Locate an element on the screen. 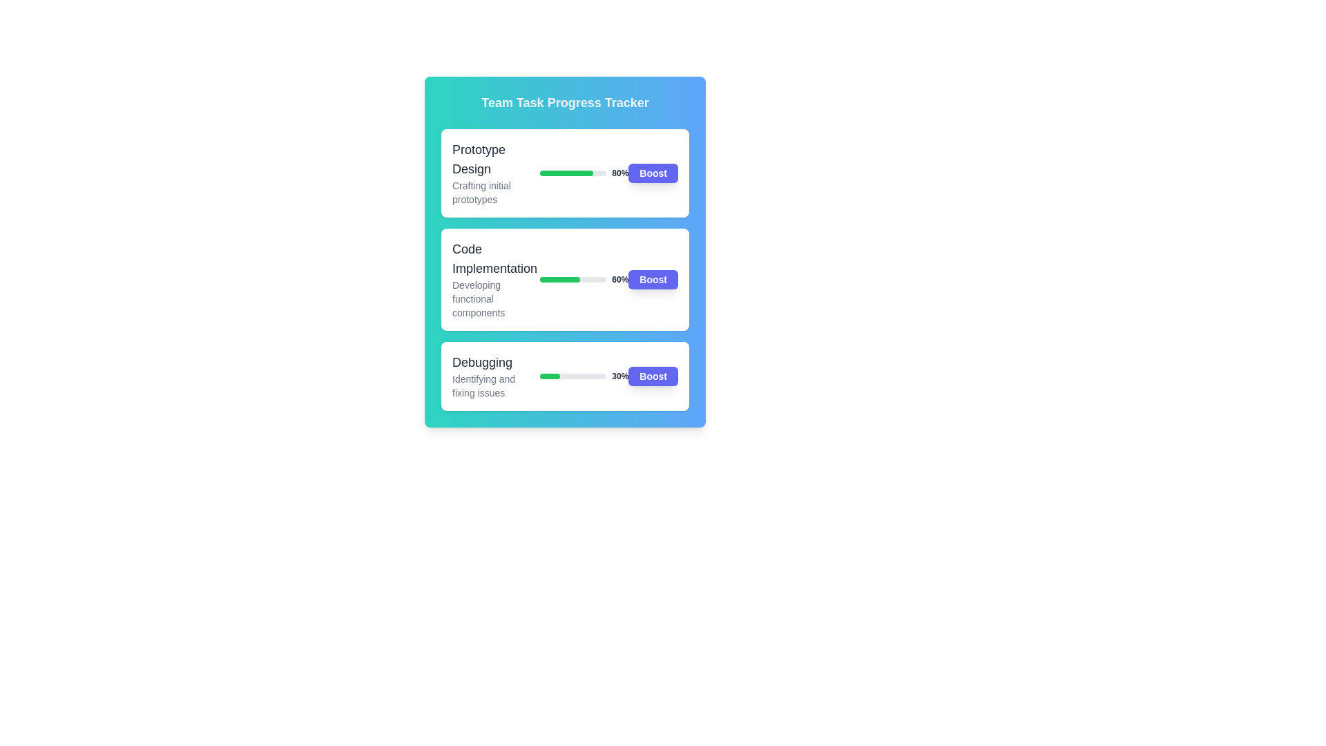 Image resolution: width=1326 pixels, height=746 pixels. the filled and unfilled sections of the progress bar component located in the middle section of the 'Prototype Design' card, just below the title and description is located at coordinates (584, 172).